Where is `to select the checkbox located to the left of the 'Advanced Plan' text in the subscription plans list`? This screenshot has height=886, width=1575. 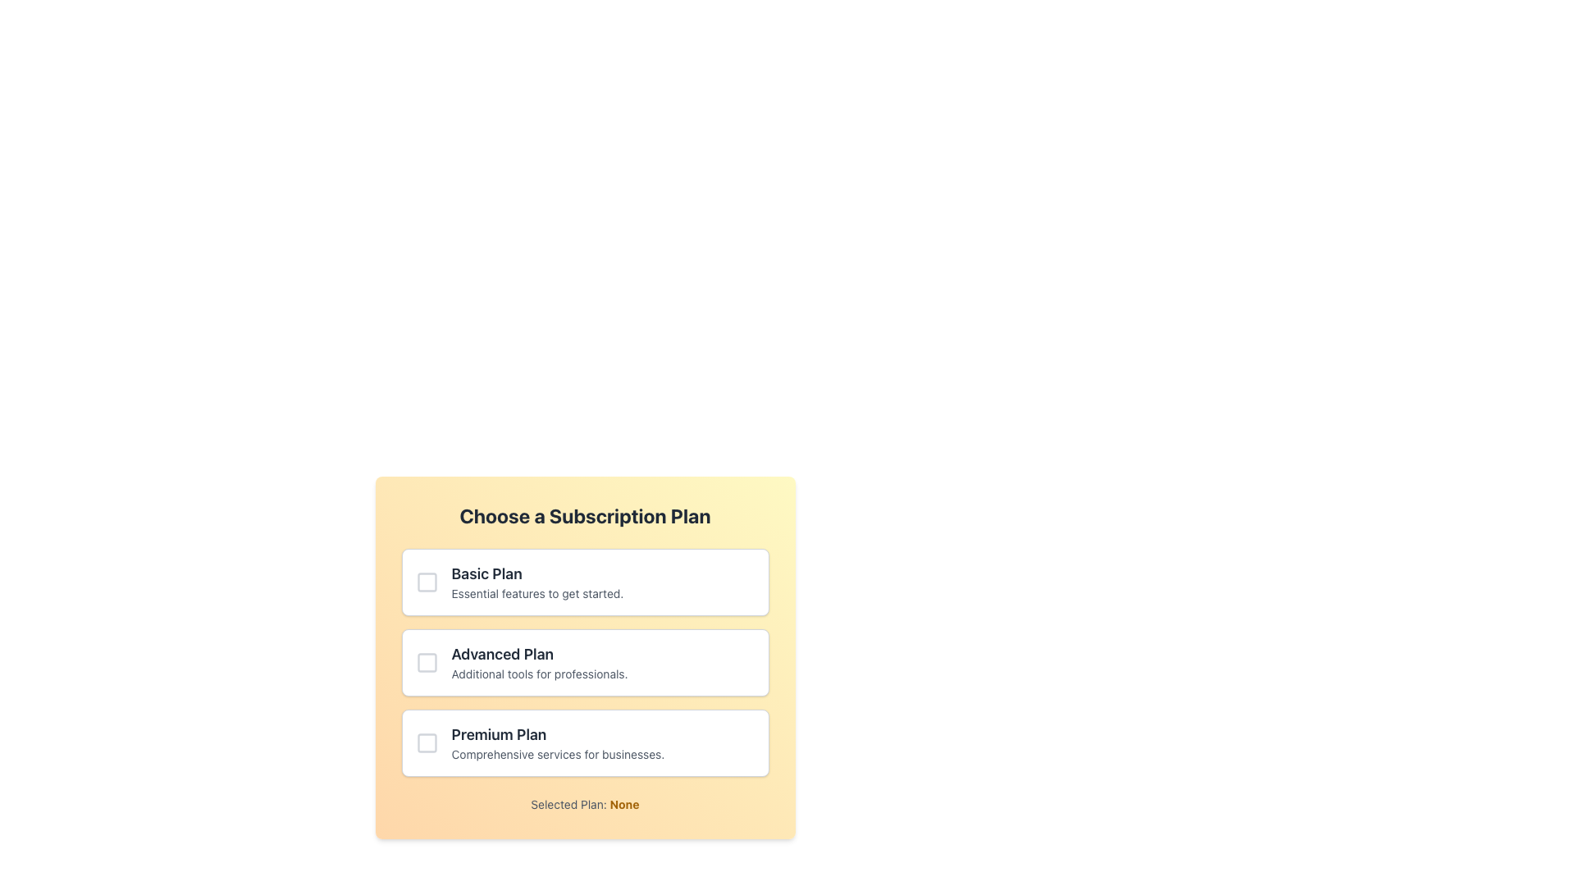 to select the checkbox located to the left of the 'Advanced Plan' text in the subscription plans list is located at coordinates (427, 661).